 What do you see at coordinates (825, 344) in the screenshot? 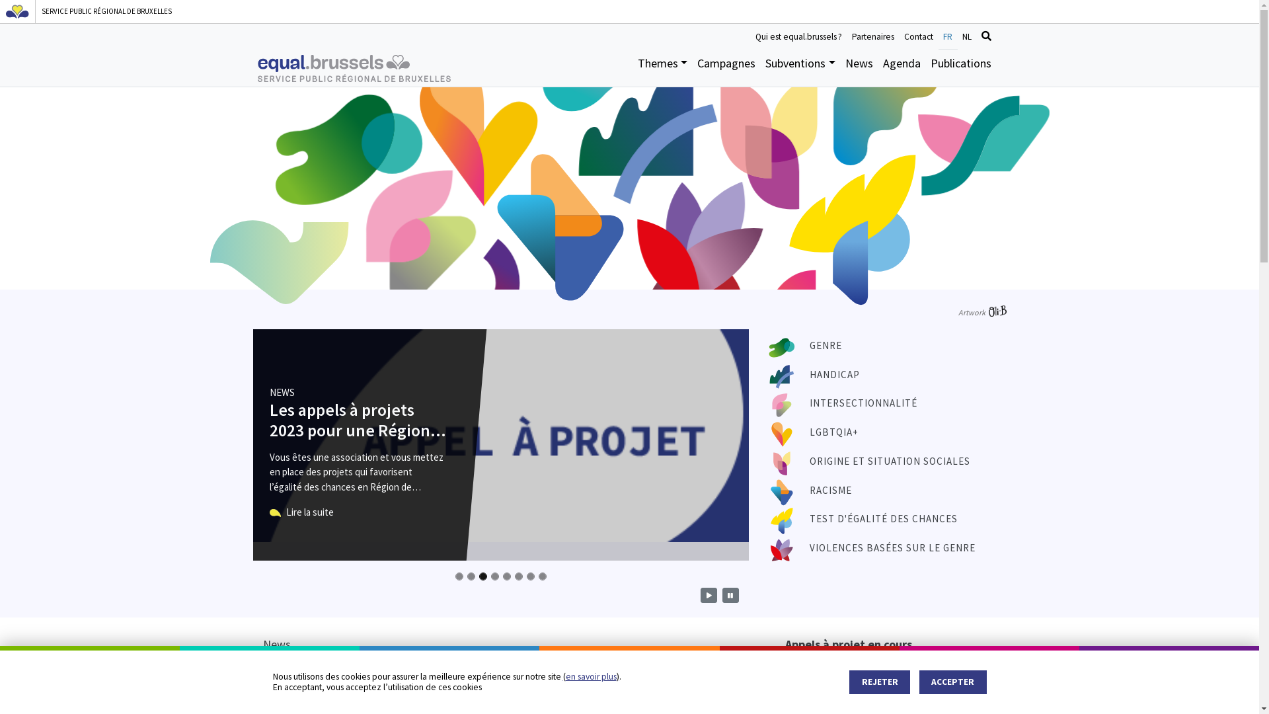
I see `'GENRE'` at bounding box center [825, 344].